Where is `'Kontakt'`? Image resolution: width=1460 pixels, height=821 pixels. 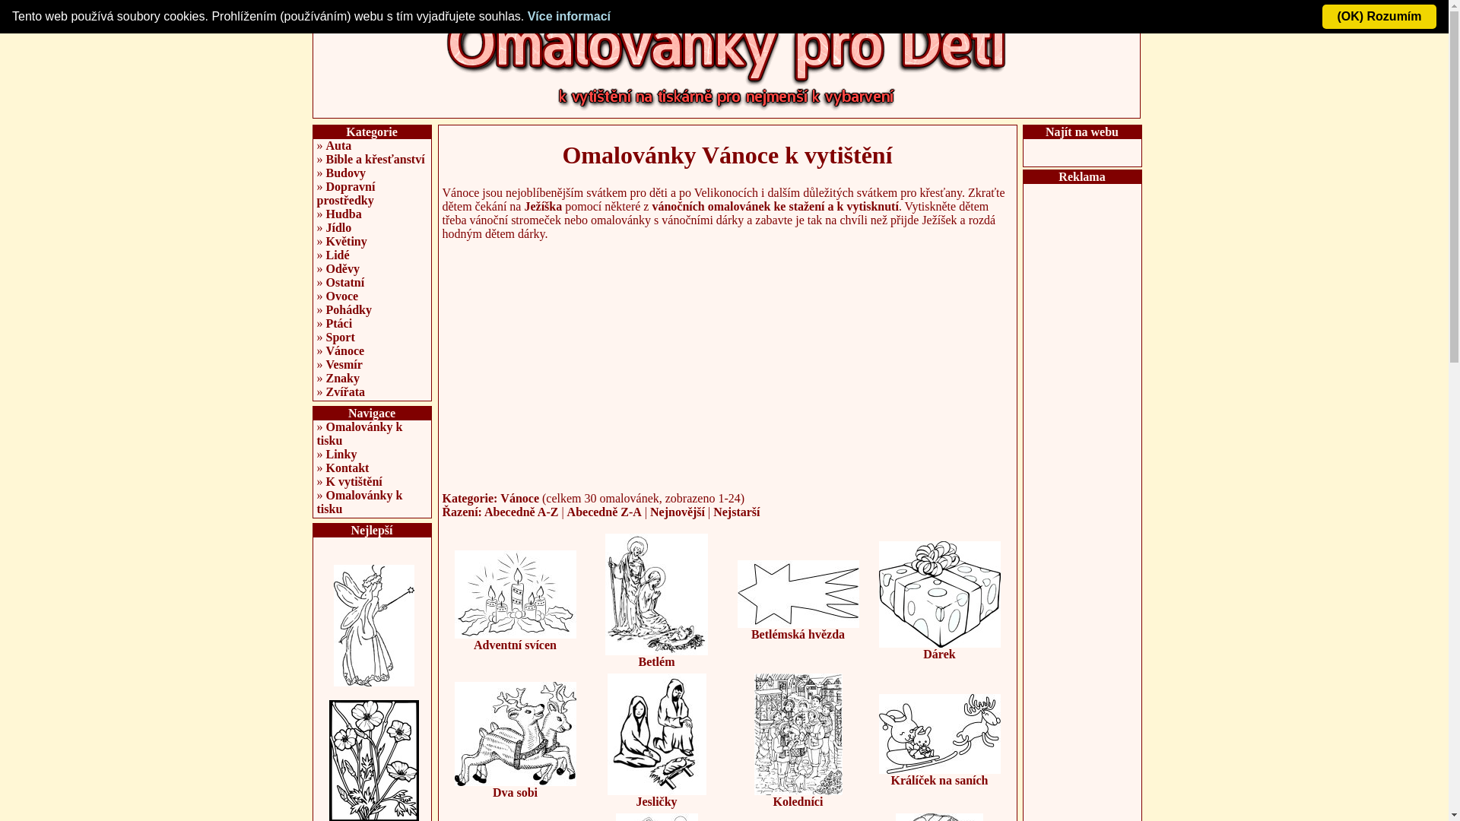 'Kontakt' is located at coordinates (346, 467).